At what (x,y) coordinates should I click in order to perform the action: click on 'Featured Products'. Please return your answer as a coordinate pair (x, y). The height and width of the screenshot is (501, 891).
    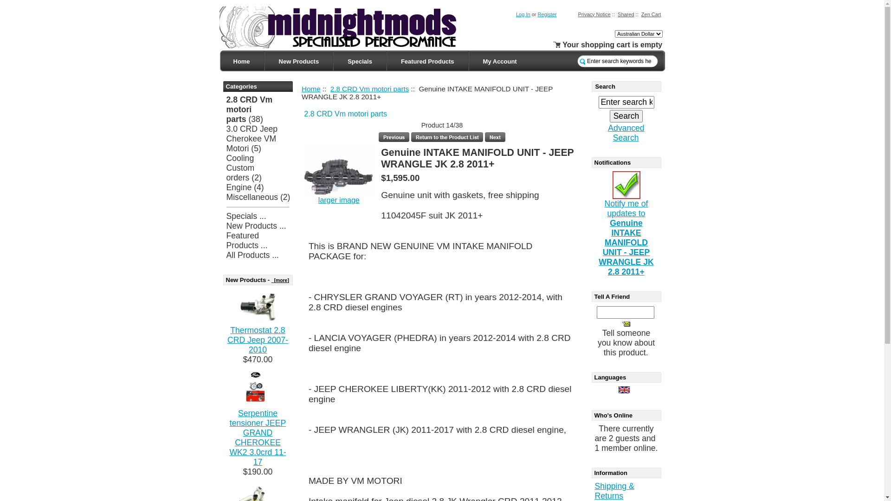
    Looking at the image, I should click on (427, 61).